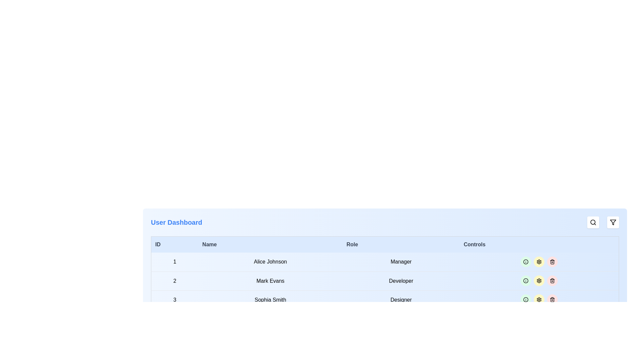 The image size is (637, 358). I want to click on the label displaying the name 'Sophia Smith', which is located in the third row, second column of the table in the 'User Dashboard' view under the 'Name' column, so click(270, 300).